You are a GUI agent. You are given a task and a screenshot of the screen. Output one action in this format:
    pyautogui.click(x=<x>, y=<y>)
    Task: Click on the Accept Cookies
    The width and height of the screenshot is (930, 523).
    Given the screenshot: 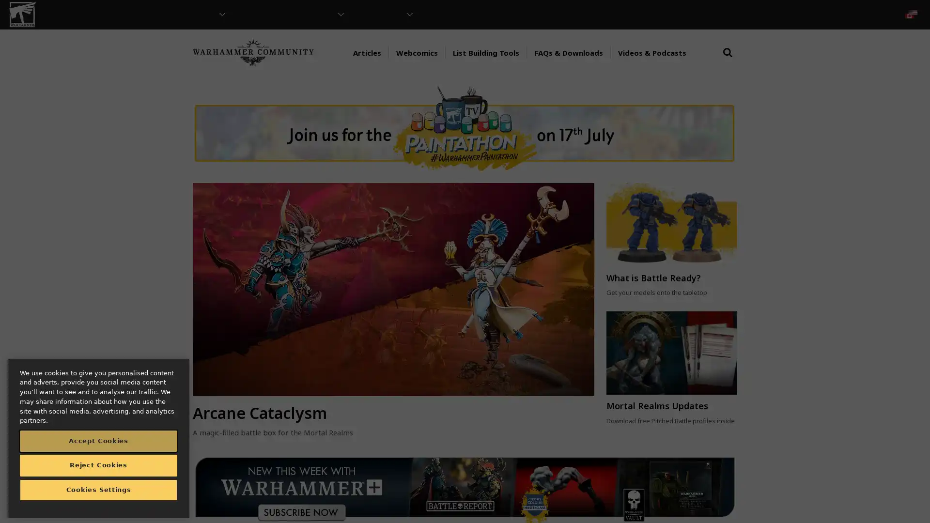 What is the action you would take?
    pyautogui.click(x=98, y=441)
    